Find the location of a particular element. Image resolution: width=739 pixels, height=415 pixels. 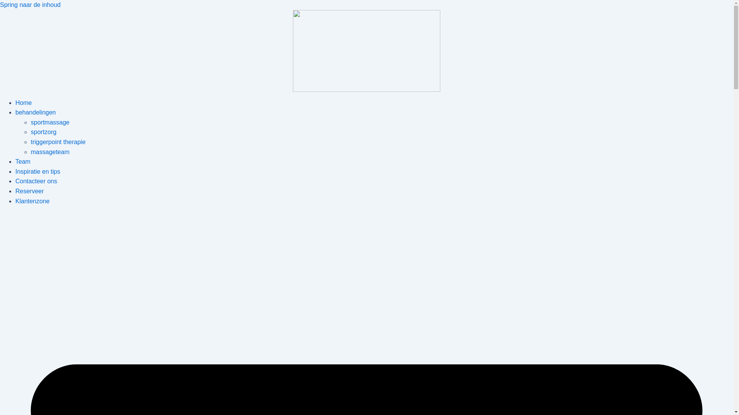

'Home' is located at coordinates (23, 102).